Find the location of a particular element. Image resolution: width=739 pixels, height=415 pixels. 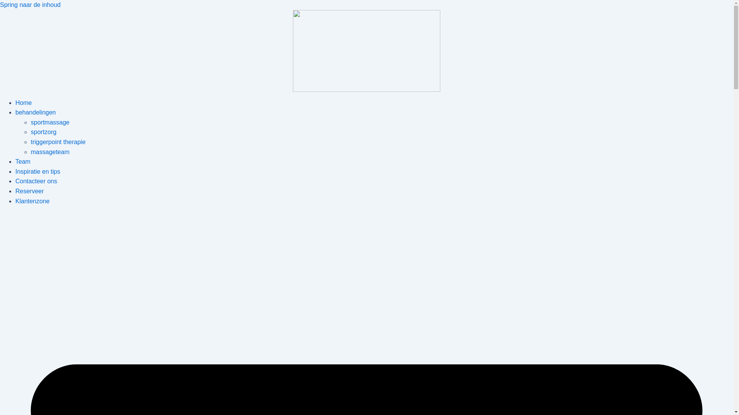

'Home' is located at coordinates (23, 102).